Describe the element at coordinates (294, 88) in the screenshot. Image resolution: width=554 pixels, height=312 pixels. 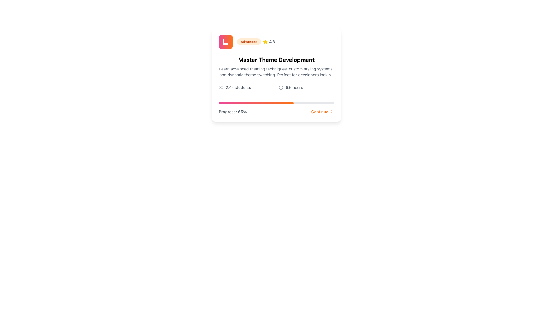
I see `the Text label that conveys the duration of time, located in the bottom portion of the card towards the right, aligned horizontally with a clock icon on its left` at that location.